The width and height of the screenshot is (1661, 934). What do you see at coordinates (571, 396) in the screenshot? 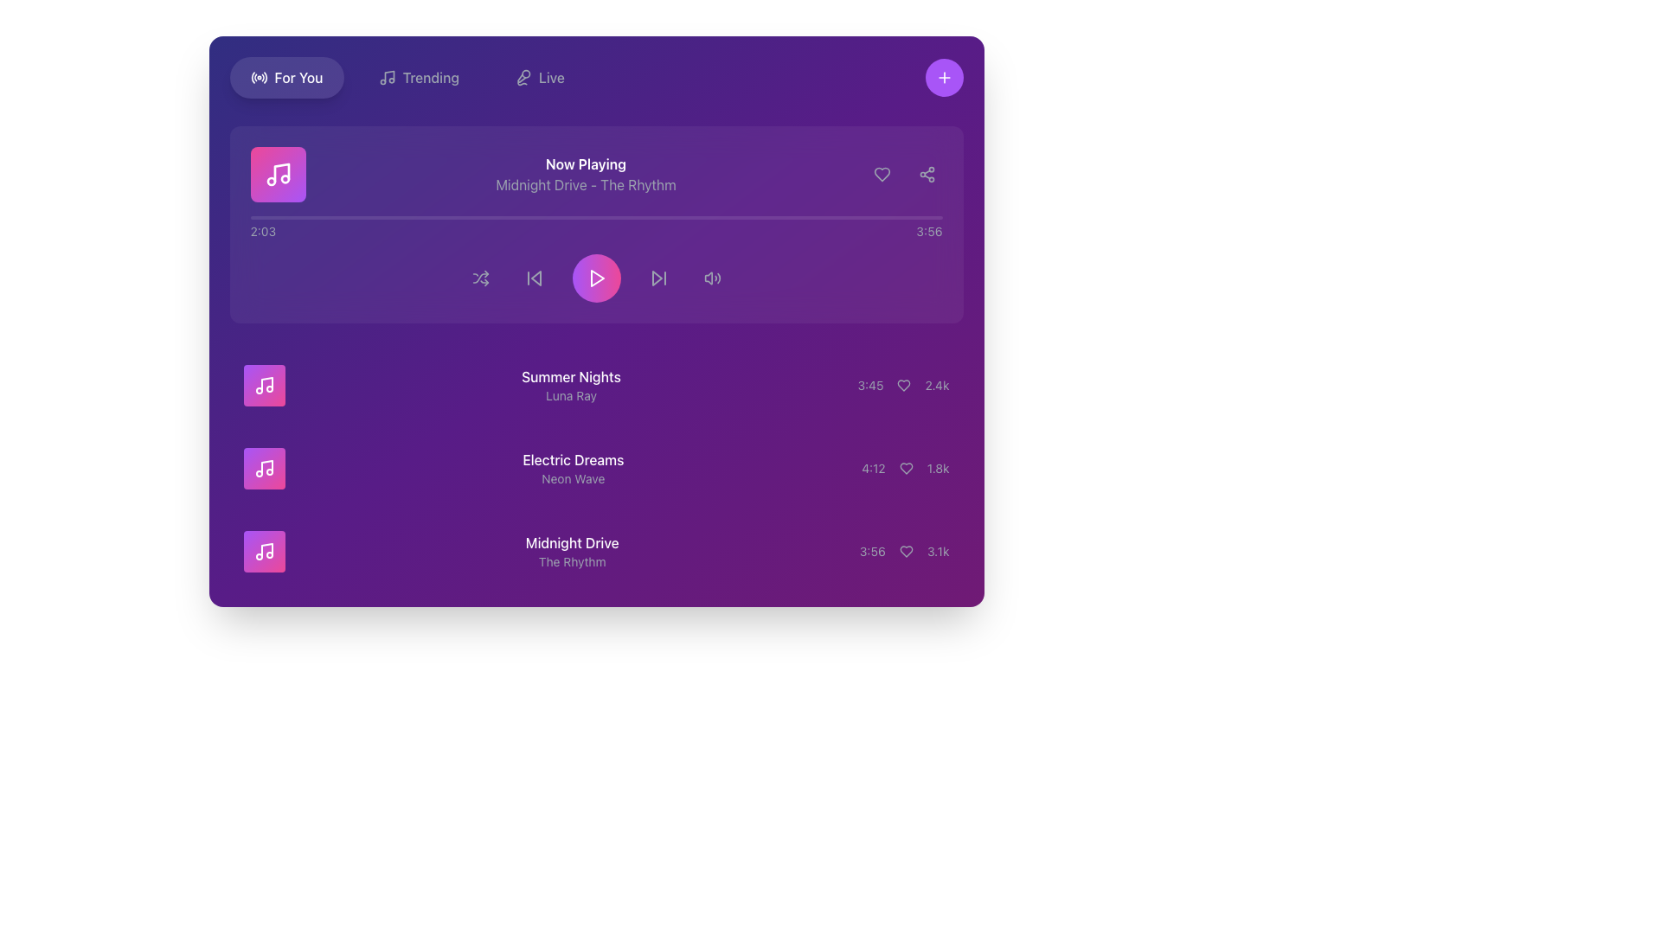
I see `the Text Label displaying 'Luna Ray', which is aligned within a list structure below 'Summer Nights' and has a gray color on a purple gradient background` at bounding box center [571, 396].